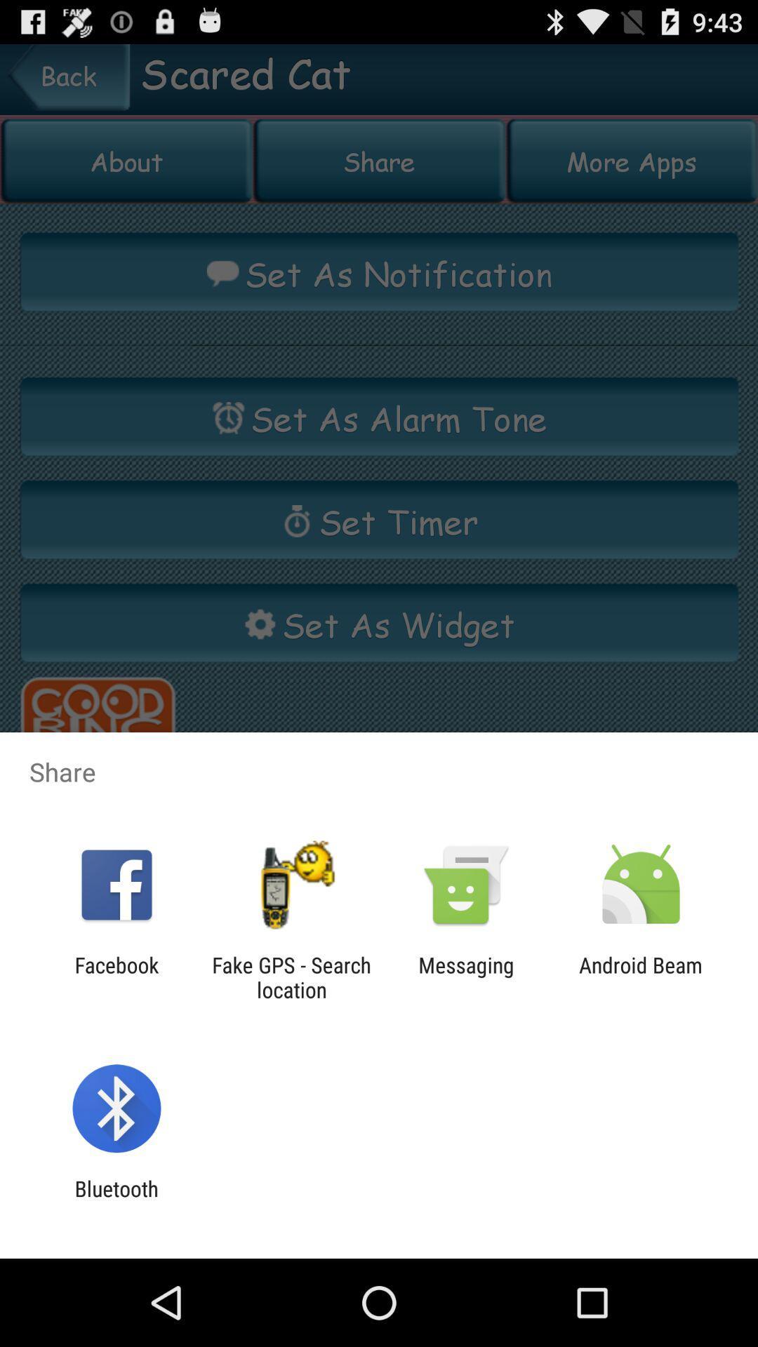 This screenshot has height=1347, width=758. What do you see at coordinates (641, 977) in the screenshot?
I see `the icon at the bottom right corner` at bounding box center [641, 977].